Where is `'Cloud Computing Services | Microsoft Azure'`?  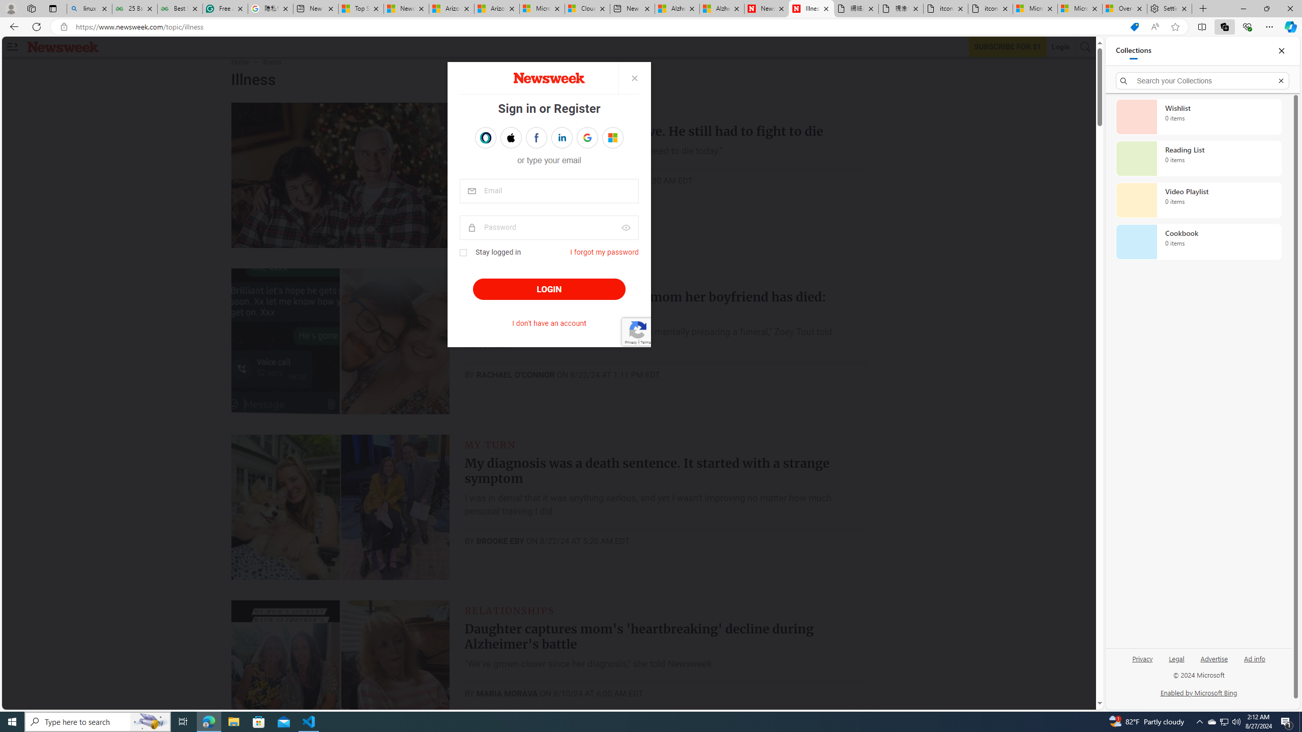
'Cloud Computing Services | Microsoft Azure' is located at coordinates (586, 8).